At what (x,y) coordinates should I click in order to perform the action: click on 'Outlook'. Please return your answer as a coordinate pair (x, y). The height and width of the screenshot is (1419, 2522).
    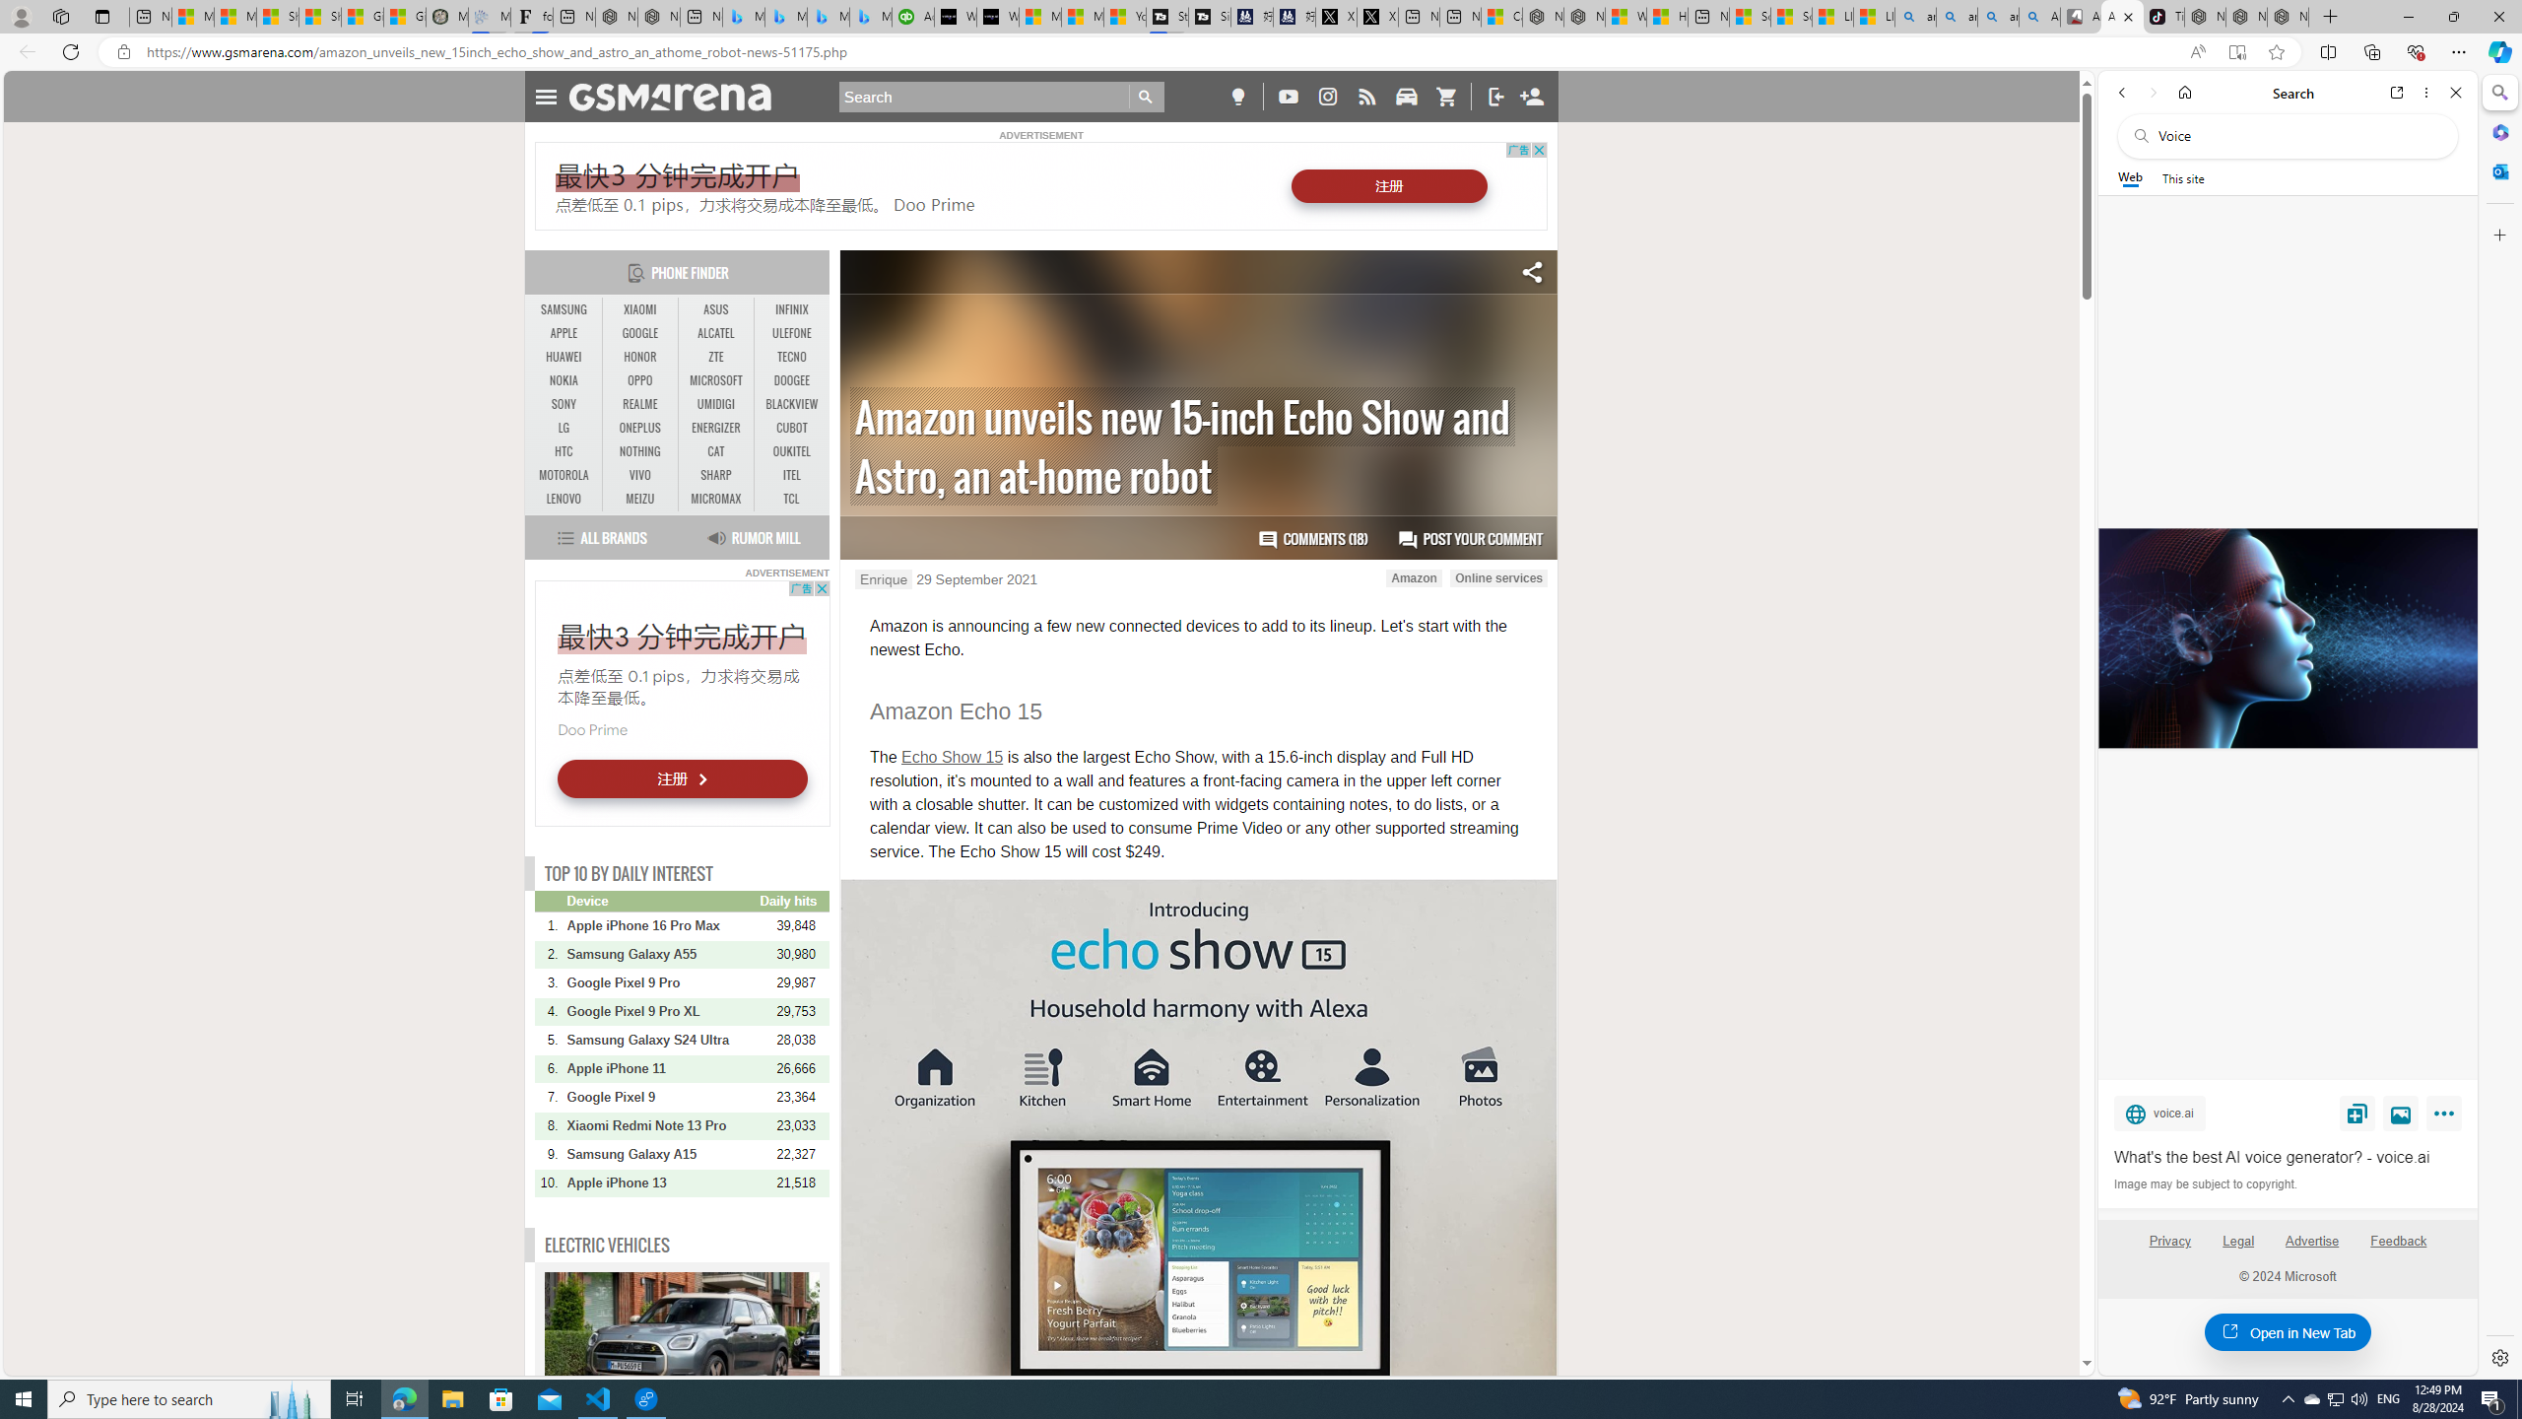
    Looking at the image, I should click on (2497, 169).